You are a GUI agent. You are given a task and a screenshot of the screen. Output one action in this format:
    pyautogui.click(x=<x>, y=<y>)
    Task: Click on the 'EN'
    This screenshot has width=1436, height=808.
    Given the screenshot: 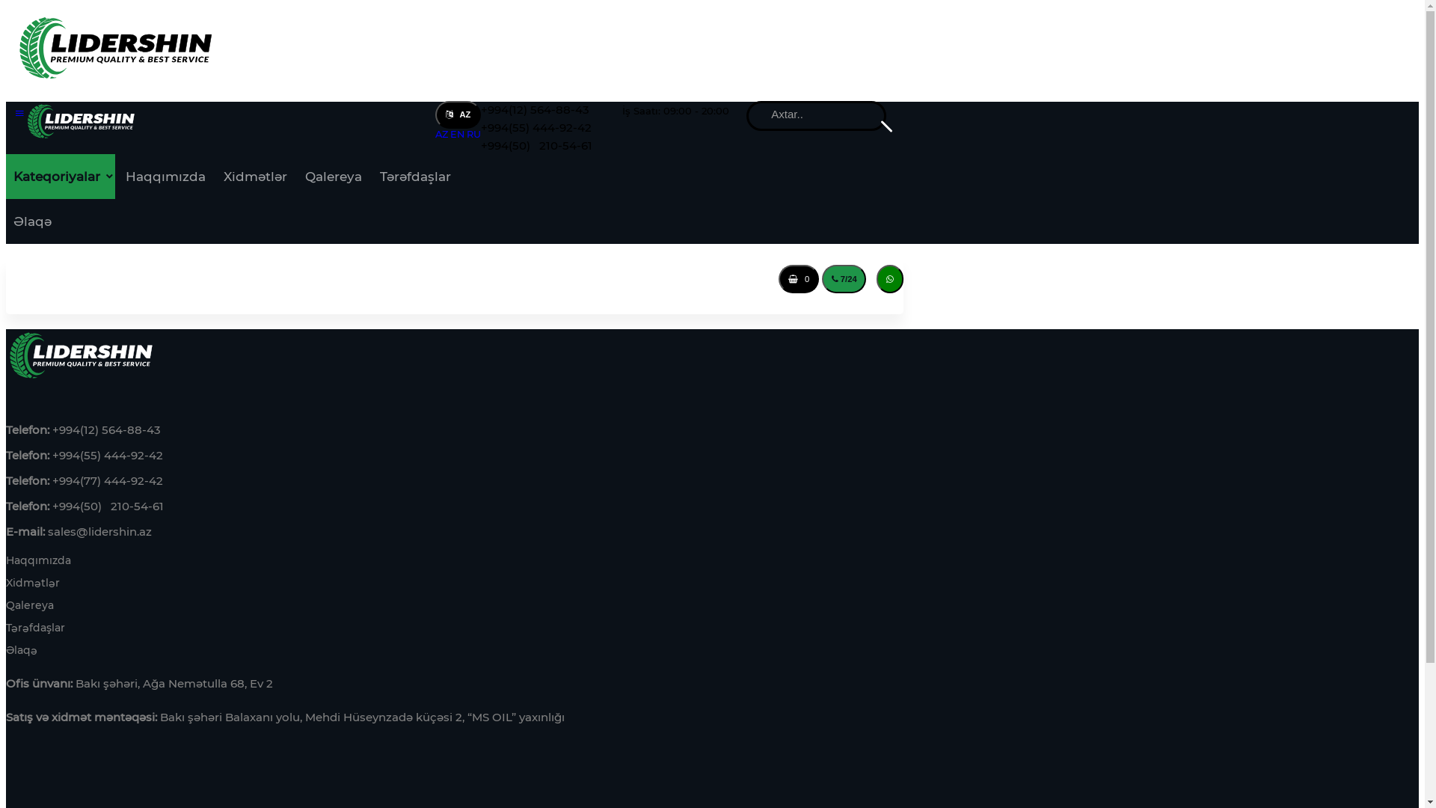 What is the action you would take?
    pyautogui.click(x=456, y=133)
    